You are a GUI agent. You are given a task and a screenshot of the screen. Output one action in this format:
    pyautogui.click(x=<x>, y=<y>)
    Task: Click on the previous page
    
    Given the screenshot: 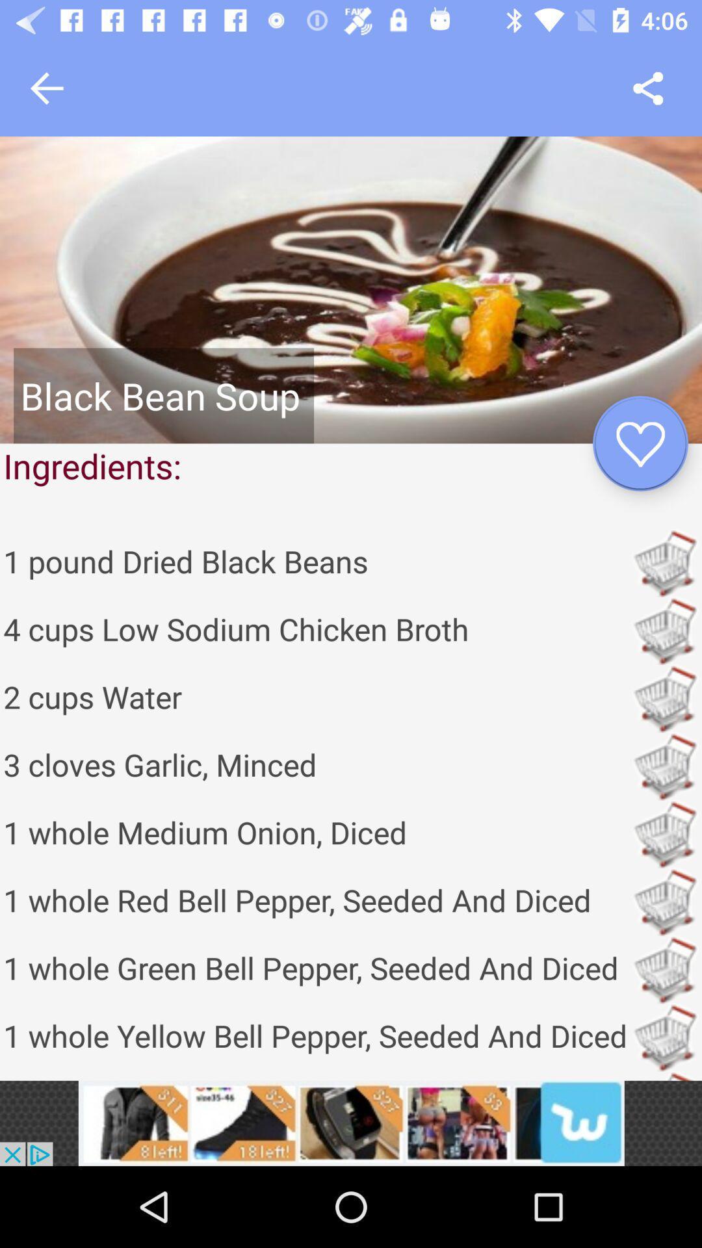 What is the action you would take?
    pyautogui.click(x=46, y=88)
    